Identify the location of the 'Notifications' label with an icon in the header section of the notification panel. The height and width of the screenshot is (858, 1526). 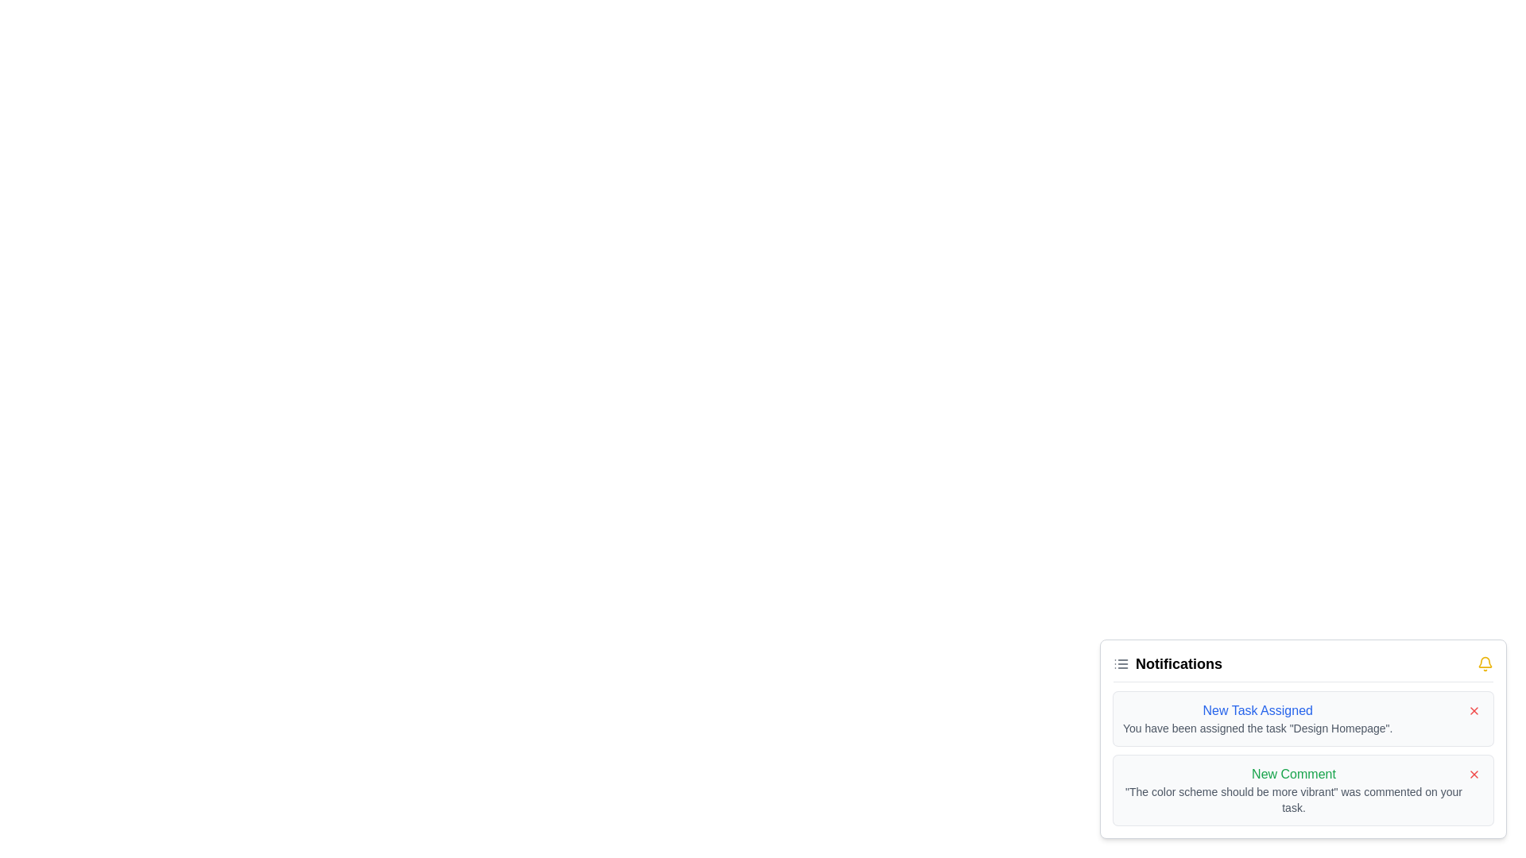
(1168, 664).